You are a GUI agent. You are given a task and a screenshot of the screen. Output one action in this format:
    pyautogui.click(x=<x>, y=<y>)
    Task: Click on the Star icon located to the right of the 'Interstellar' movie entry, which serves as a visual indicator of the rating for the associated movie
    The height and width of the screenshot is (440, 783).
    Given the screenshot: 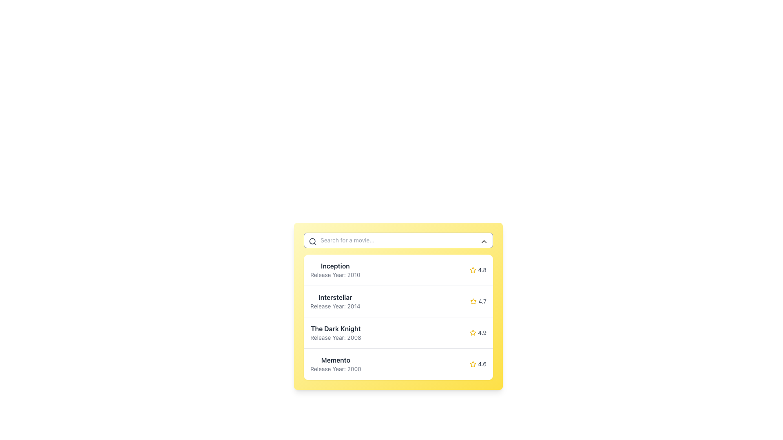 What is the action you would take?
    pyautogui.click(x=473, y=301)
    